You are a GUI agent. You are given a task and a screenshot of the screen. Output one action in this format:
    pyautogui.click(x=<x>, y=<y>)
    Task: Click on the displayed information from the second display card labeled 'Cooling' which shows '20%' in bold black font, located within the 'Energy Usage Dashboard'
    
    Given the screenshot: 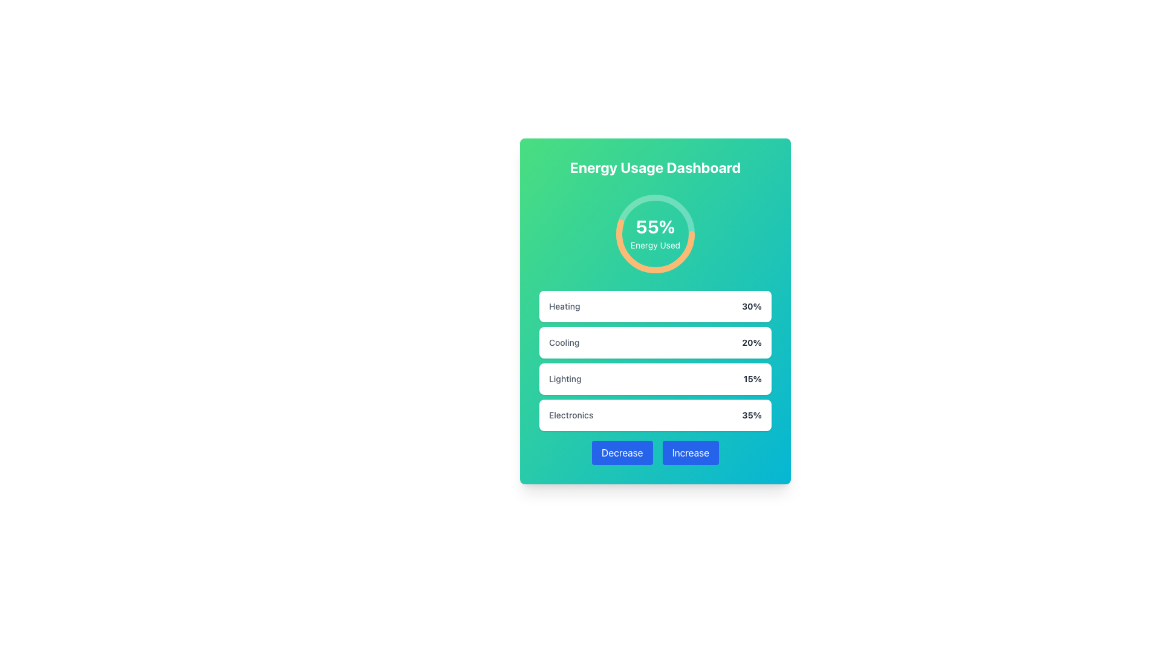 What is the action you would take?
    pyautogui.click(x=655, y=343)
    